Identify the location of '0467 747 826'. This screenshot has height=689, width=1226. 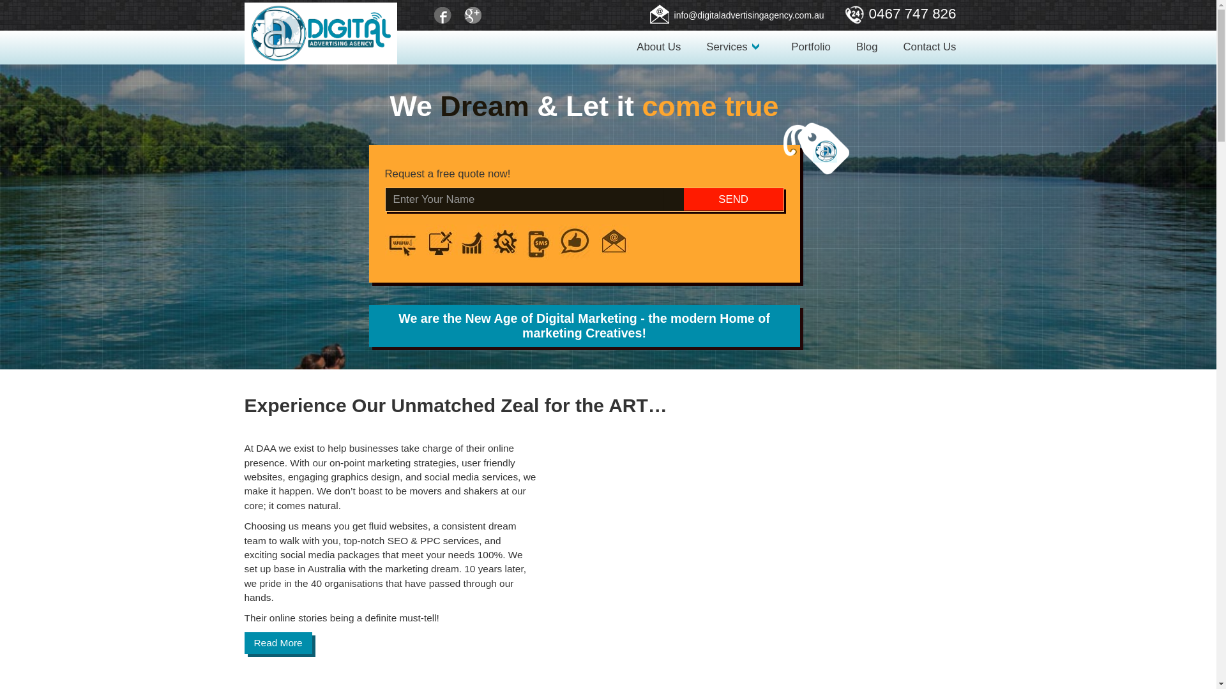
(905, 15).